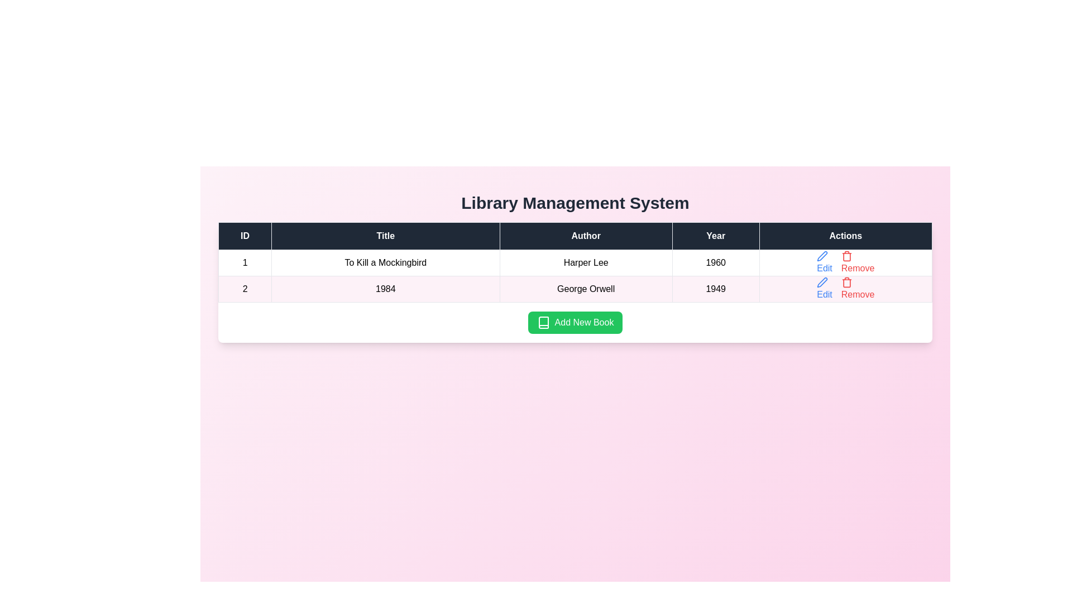 The height and width of the screenshot is (603, 1072). Describe the element at coordinates (245, 288) in the screenshot. I see `the static text element that identifies the unique ID of an item in the first cell of the second row of the book information table` at that location.